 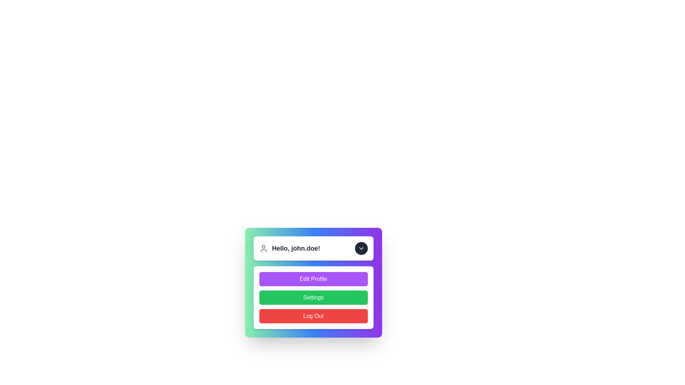 What do you see at coordinates (296, 248) in the screenshot?
I see `the text label that displays 'Hello, john.doe!' which is styled in bold, dark gray, and is centrally positioned above action buttons` at bounding box center [296, 248].